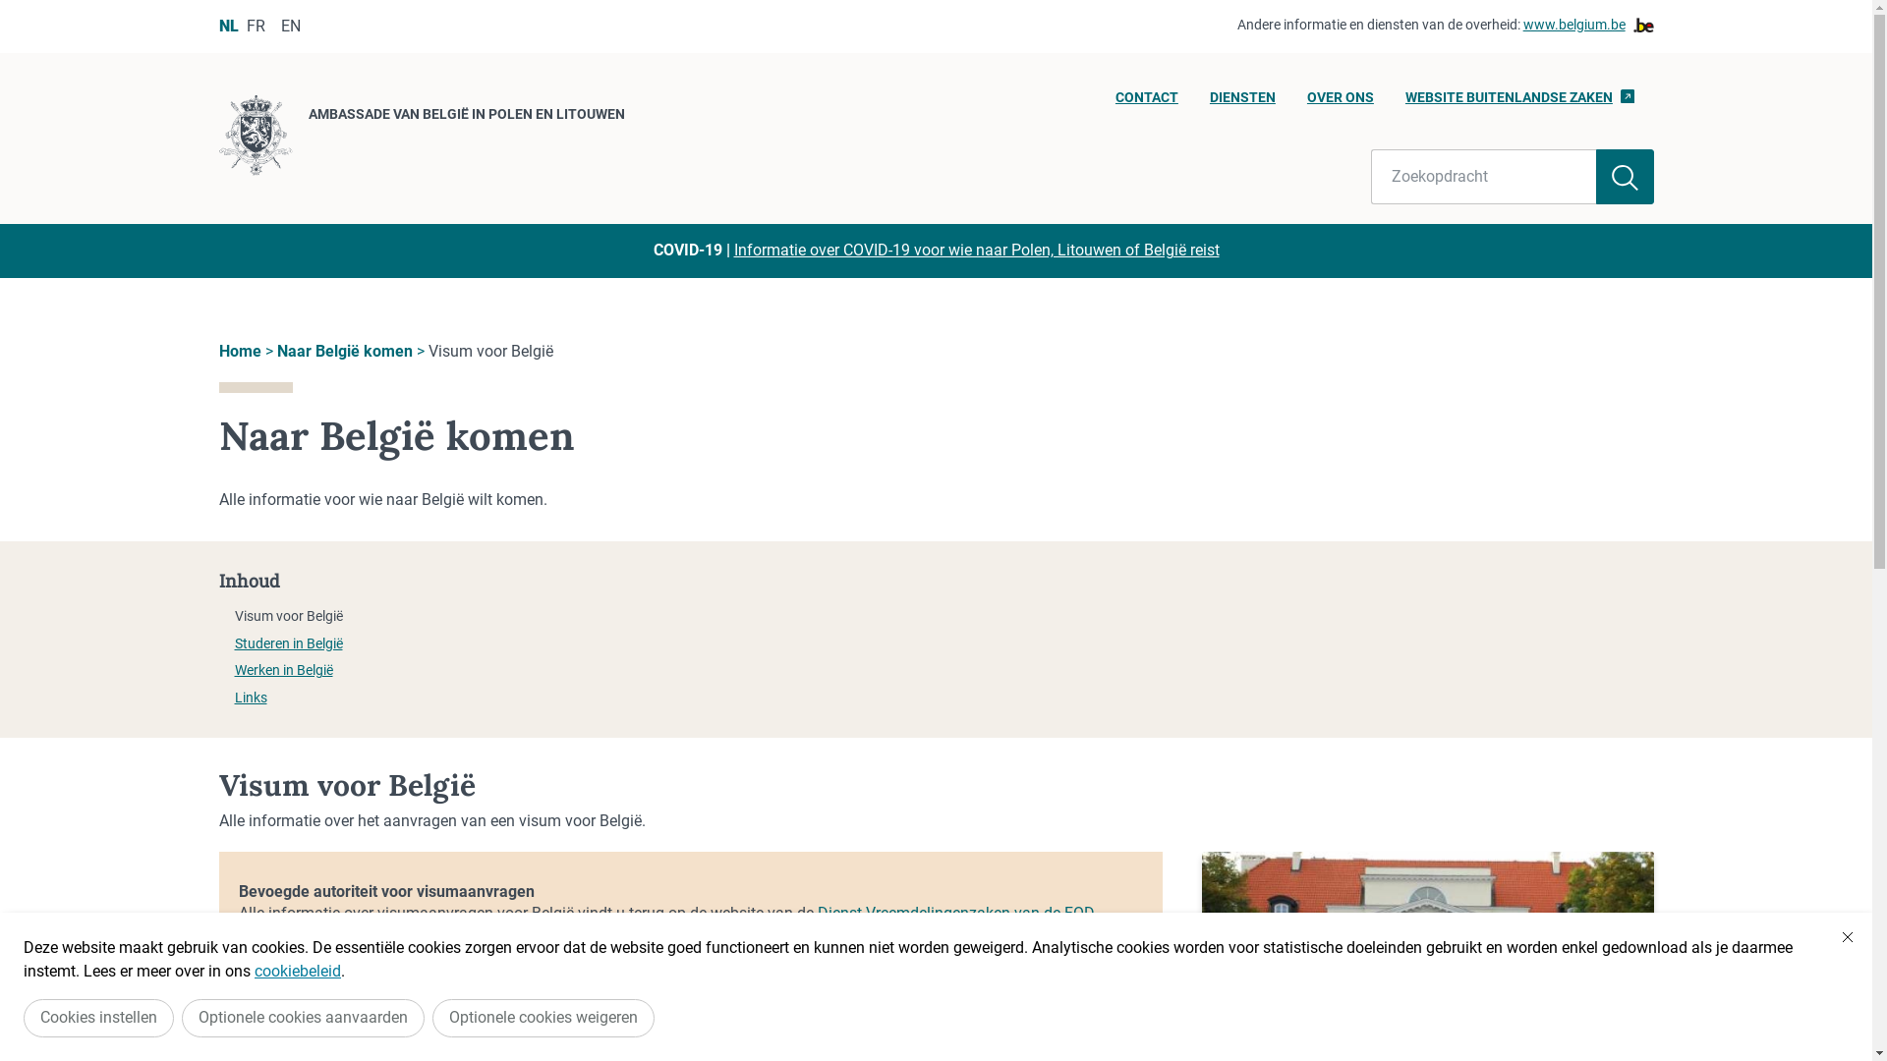 The width and height of the screenshot is (1887, 1061). What do you see at coordinates (182, 1017) in the screenshot?
I see `'Optionele cookies aanvaarden'` at bounding box center [182, 1017].